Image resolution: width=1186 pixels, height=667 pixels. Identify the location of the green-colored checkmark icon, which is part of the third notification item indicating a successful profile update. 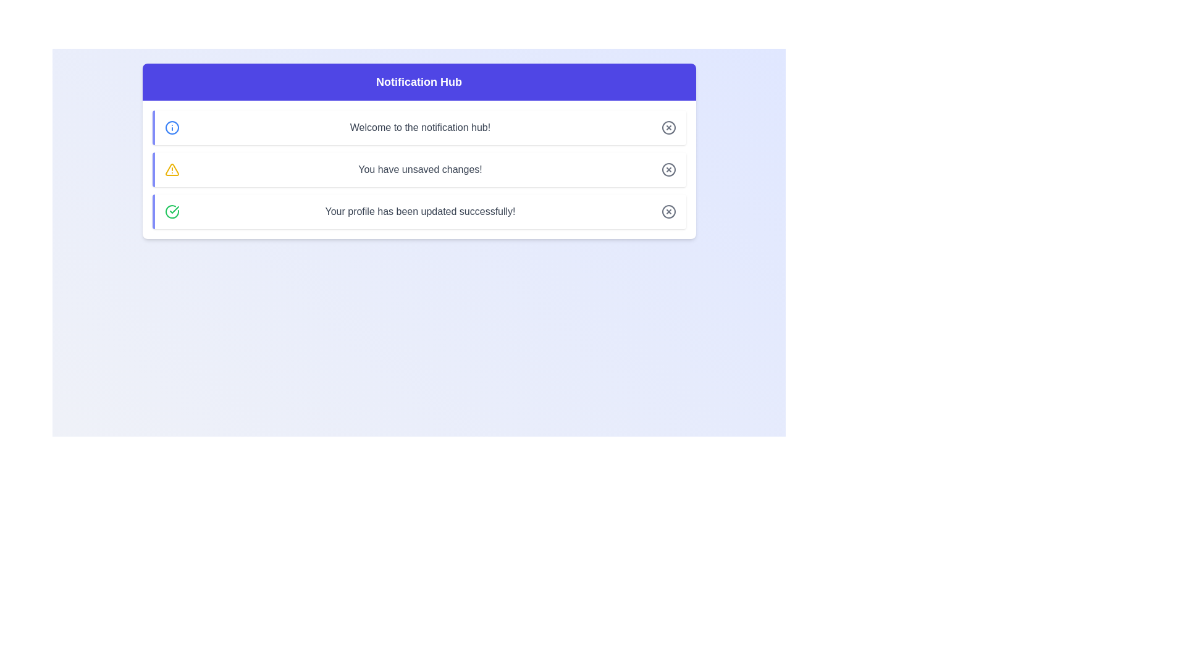
(174, 209).